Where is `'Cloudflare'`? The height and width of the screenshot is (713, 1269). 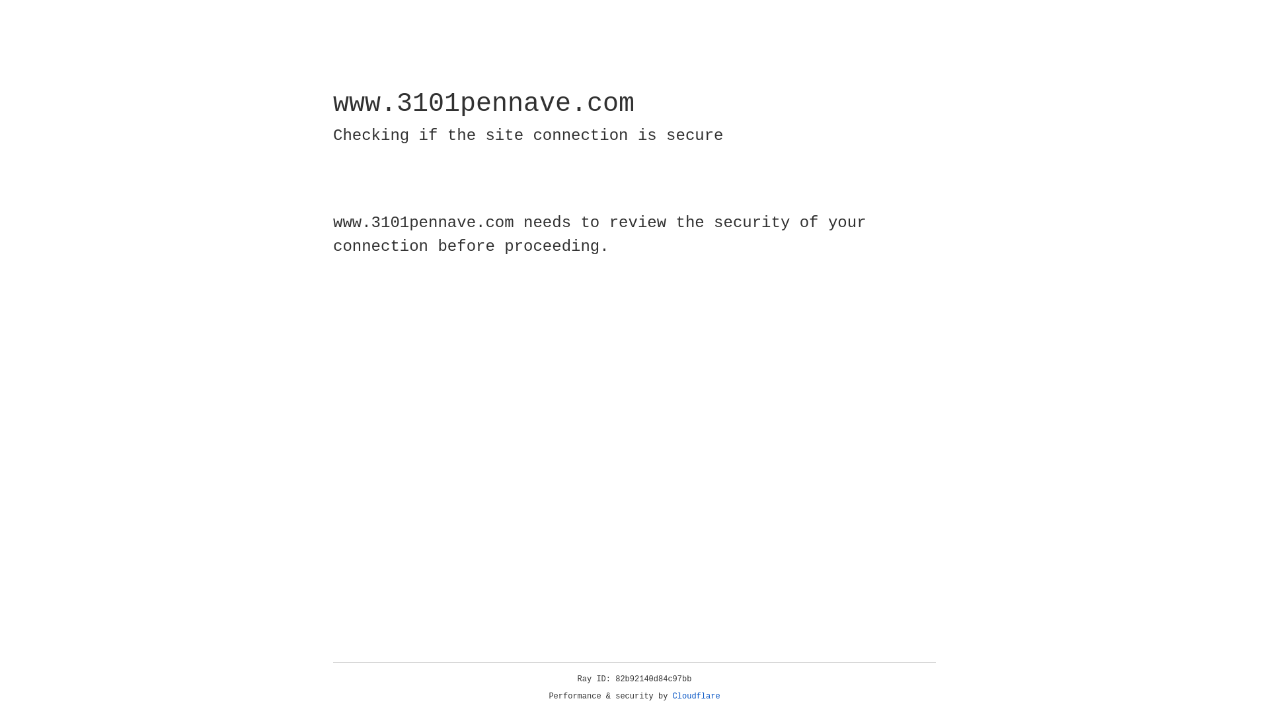 'Cloudflare' is located at coordinates (696, 696).